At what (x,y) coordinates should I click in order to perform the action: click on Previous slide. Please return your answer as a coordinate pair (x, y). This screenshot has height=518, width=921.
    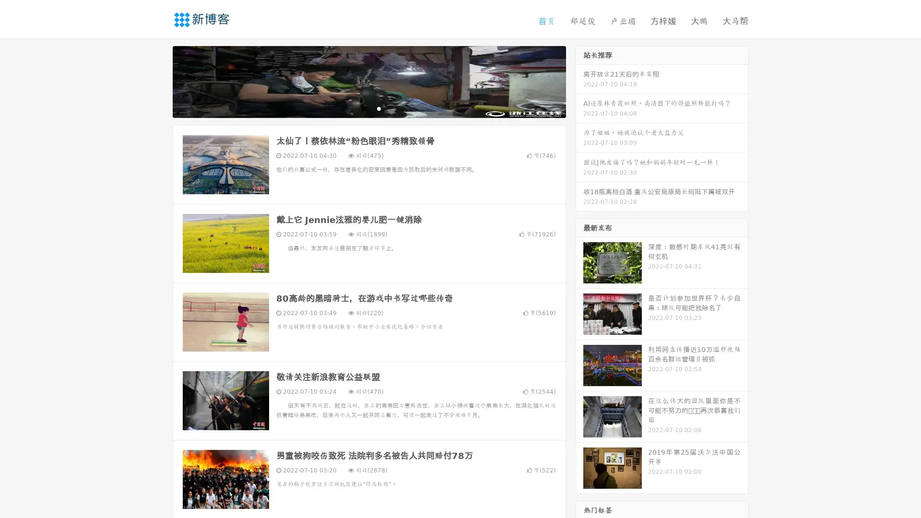
    Looking at the image, I should click on (158, 81).